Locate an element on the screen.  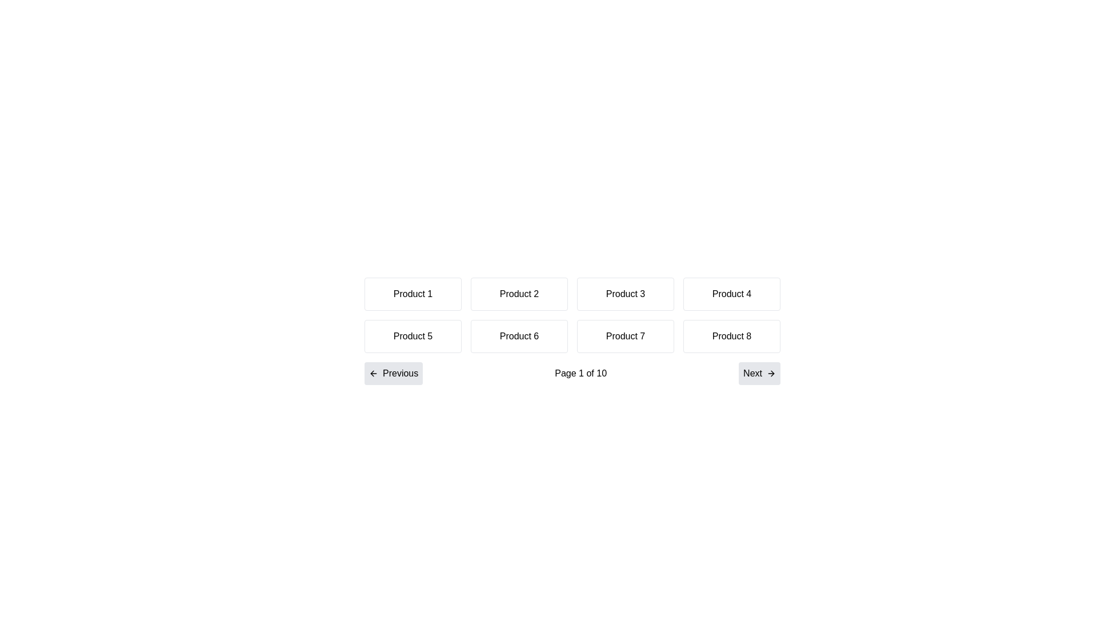
the navigation button located in the bottom-right corner of the content area is located at coordinates (759, 374).